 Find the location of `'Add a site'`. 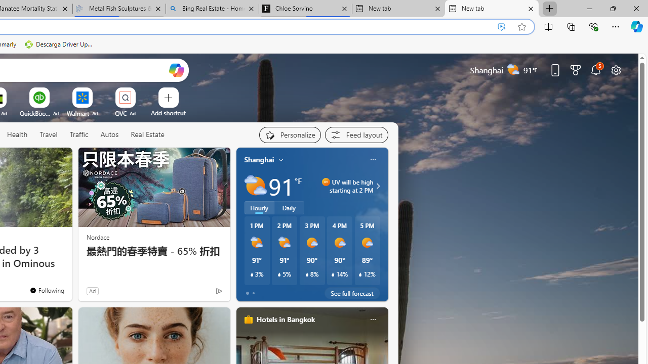

'Add a site' is located at coordinates (168, 113).